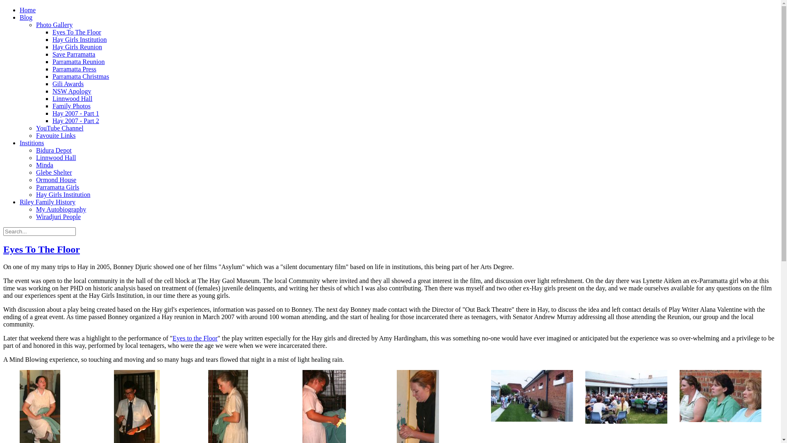 This screenshot has height=443, width=787. Describe the element at coordinates (35, 179) in the screenshot. I see `'Ormond House'` at that location.